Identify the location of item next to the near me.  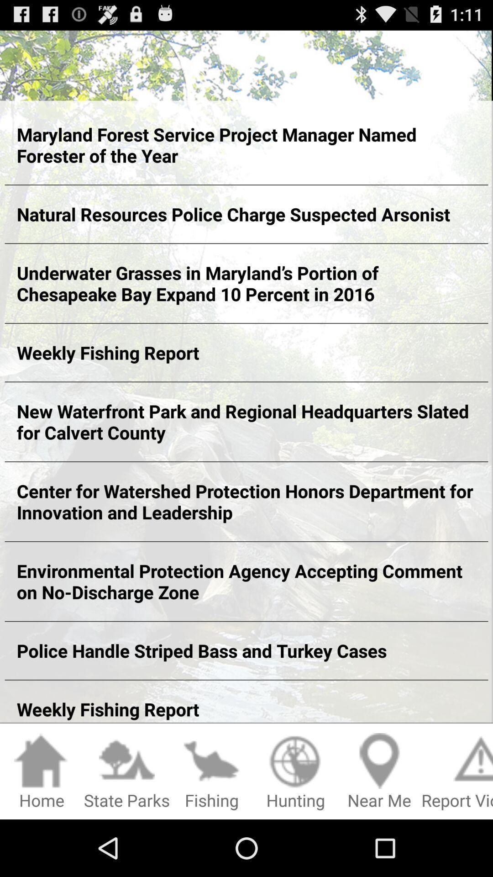
(295, 771).